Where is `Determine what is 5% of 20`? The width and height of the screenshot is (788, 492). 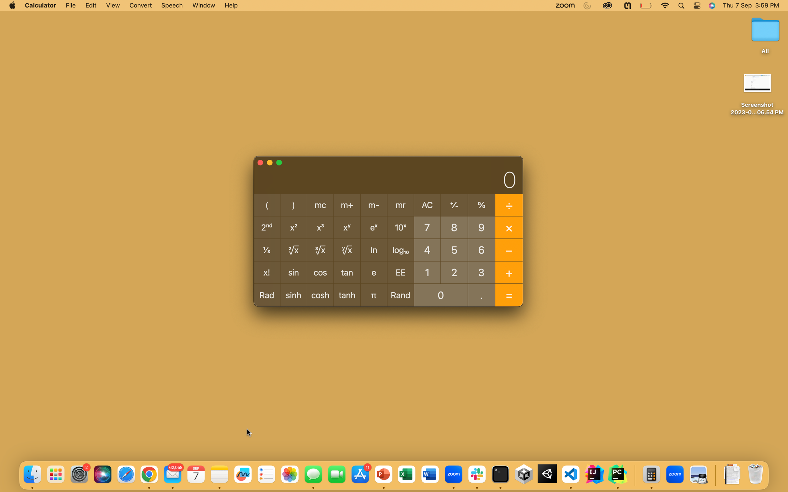 Determine what is 5% of 20 is located at coordinates (454, 249).